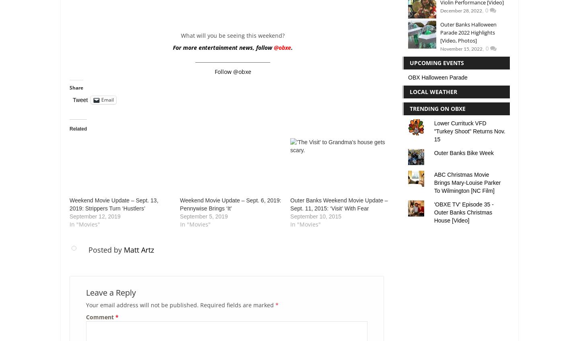 This screenshot has height=341, width=579. I want to click on '.', so click(291, 47).